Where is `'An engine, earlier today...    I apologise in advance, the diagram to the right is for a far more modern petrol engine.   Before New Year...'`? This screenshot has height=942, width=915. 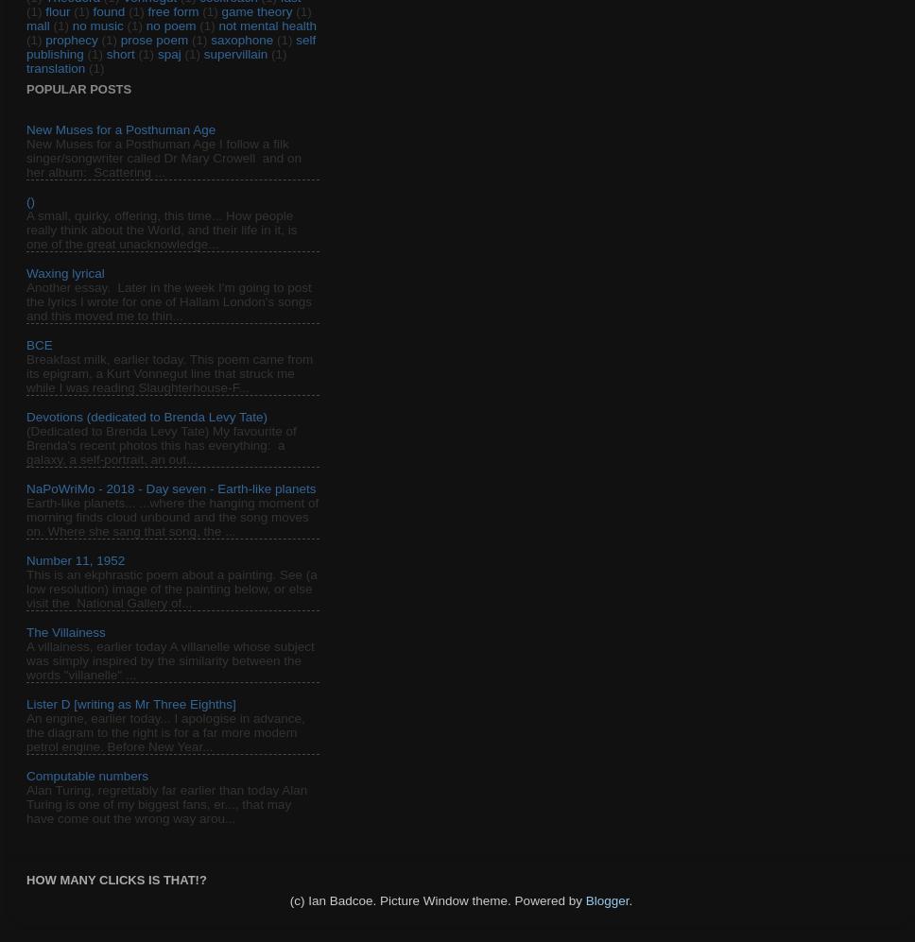 'An engine, earlier today...    I apologise in advance, the diagram to the right is for a far more modern petrol engine.   Before New Year...' is located at coordinates (165, 731).